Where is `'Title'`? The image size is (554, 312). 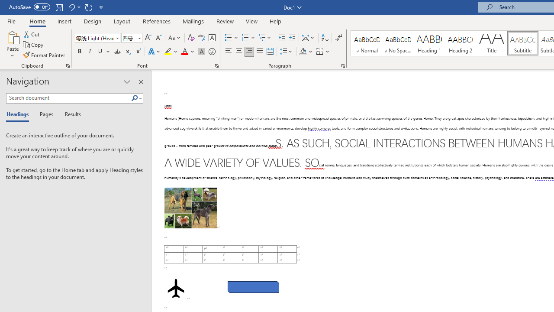
'Title' is located at coordinates (492, 43).